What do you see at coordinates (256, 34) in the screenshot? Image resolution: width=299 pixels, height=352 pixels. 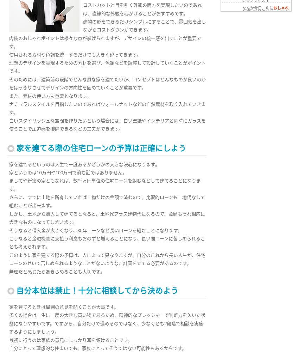 I see `'> 家を建てる前には住宅ローンについて理解を深めておこう'` at bounding box center [256, 34].